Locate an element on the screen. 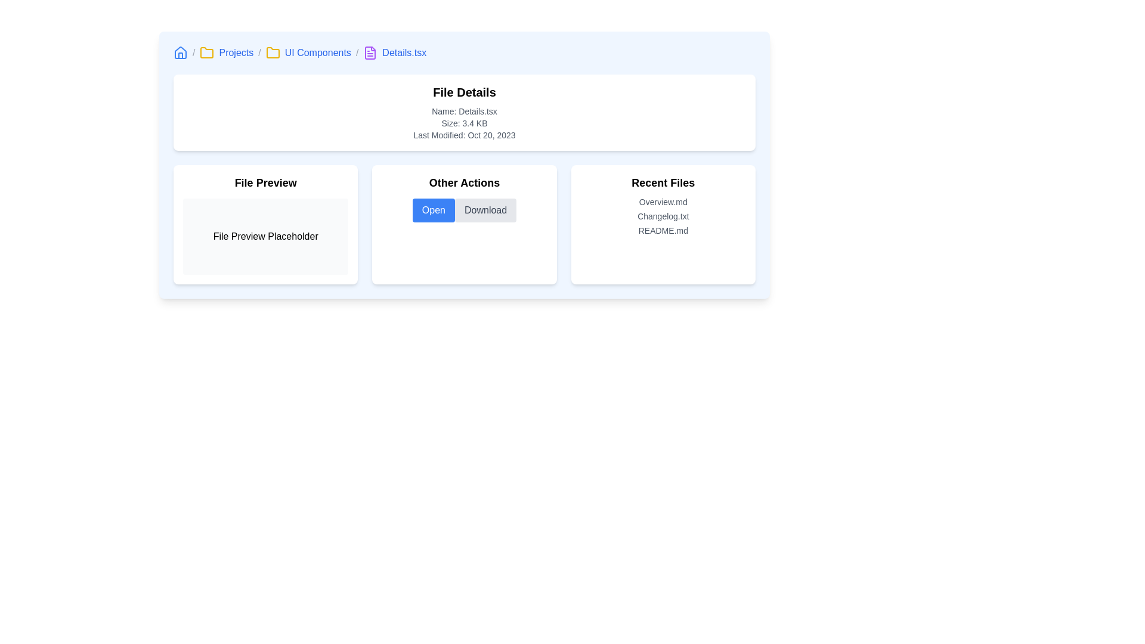  the gray '/' separator in the breadcrumb navigation bar located between 'Projects' and 'UI Components' is located at coordinates (259, 52).